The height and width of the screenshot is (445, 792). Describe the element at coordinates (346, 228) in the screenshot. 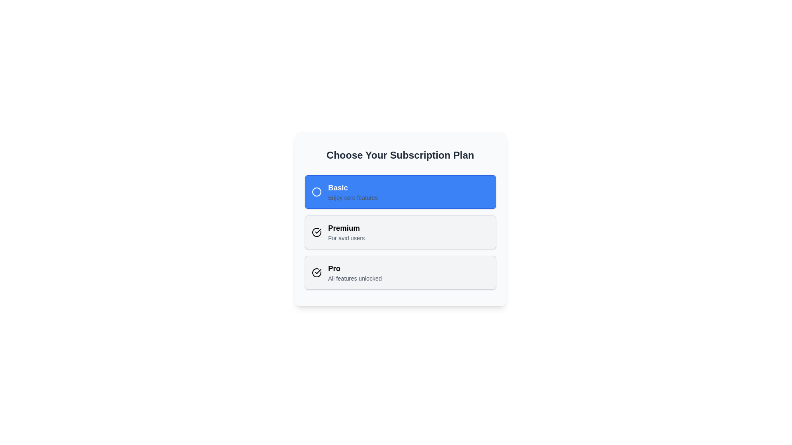

I see `the bold text label reading 'Premium' located at the top of the 'Premium' subscription option card, which stands out with its large black font above the supplementary text 'For avid users'` at that location.